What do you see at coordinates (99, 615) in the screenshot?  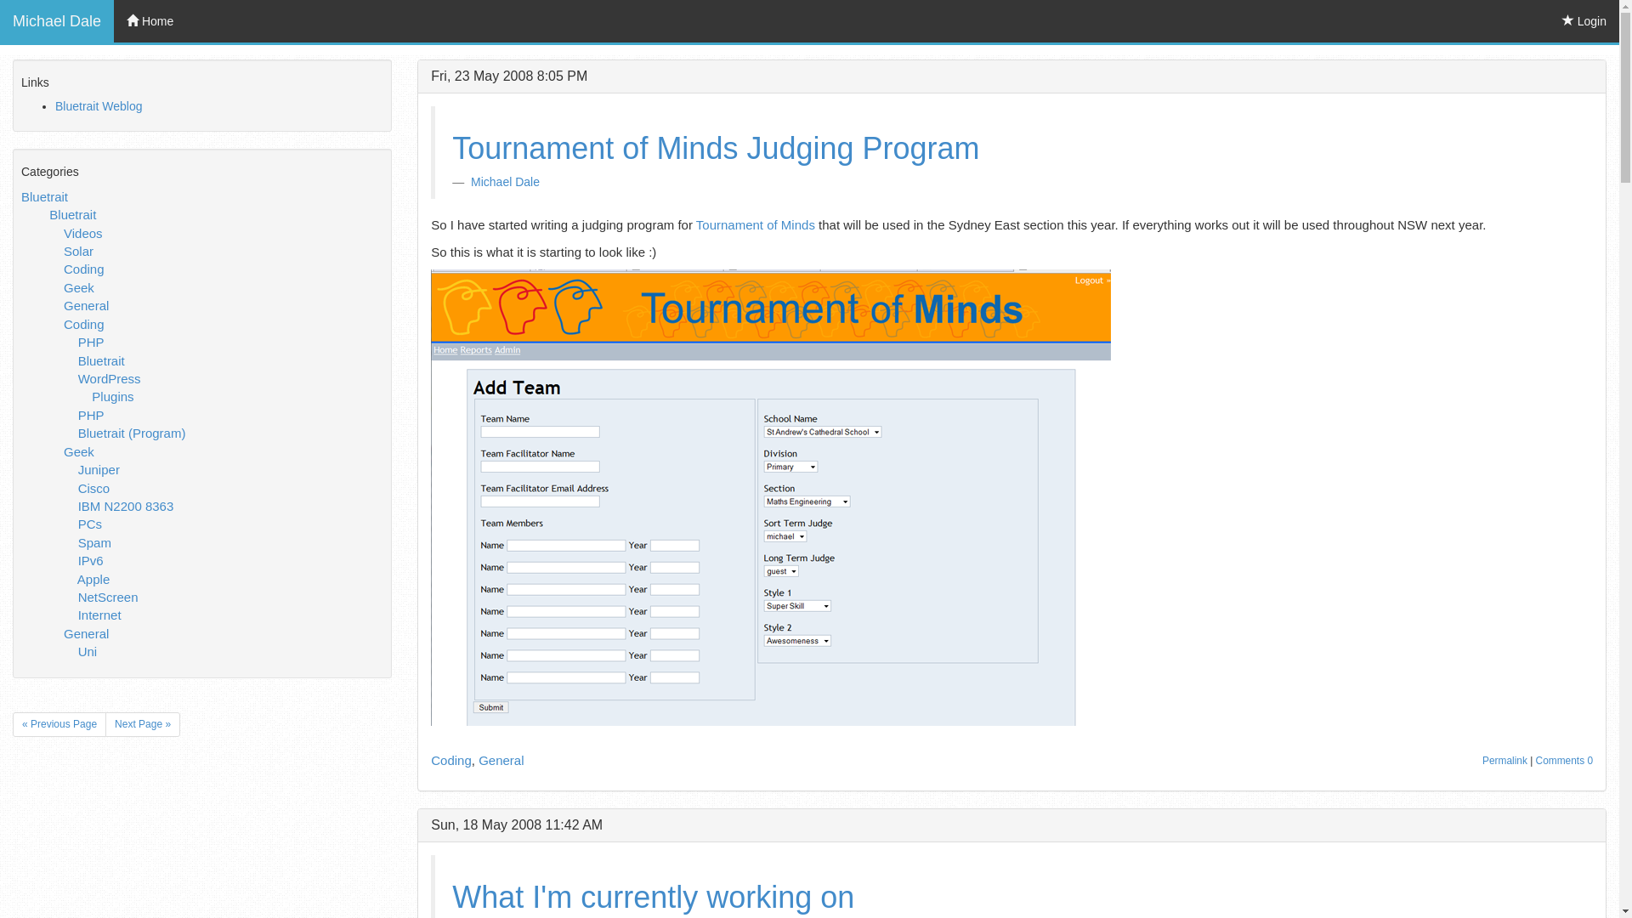 I see `'Internet'` at bounding box center [99, 615].